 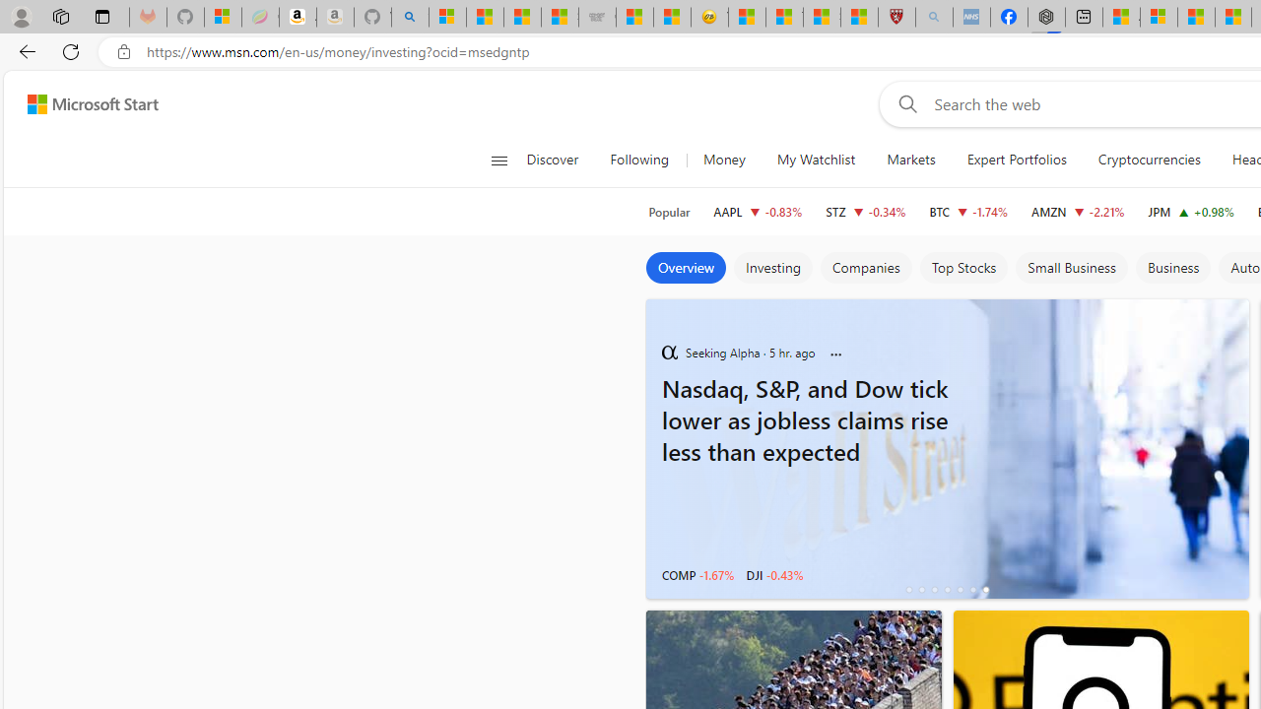 What do you see at coordinates (498, 160) in the screenshot?
I see `'Class: button-glyph'` at bounding box center [498, 160].